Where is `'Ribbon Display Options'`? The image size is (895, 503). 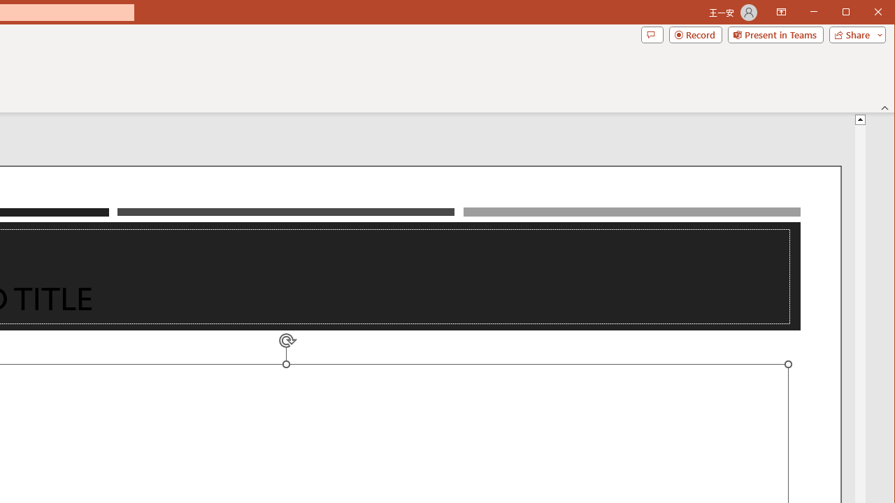 'Ribbon Display Options' is located at coordinates (780, 13).